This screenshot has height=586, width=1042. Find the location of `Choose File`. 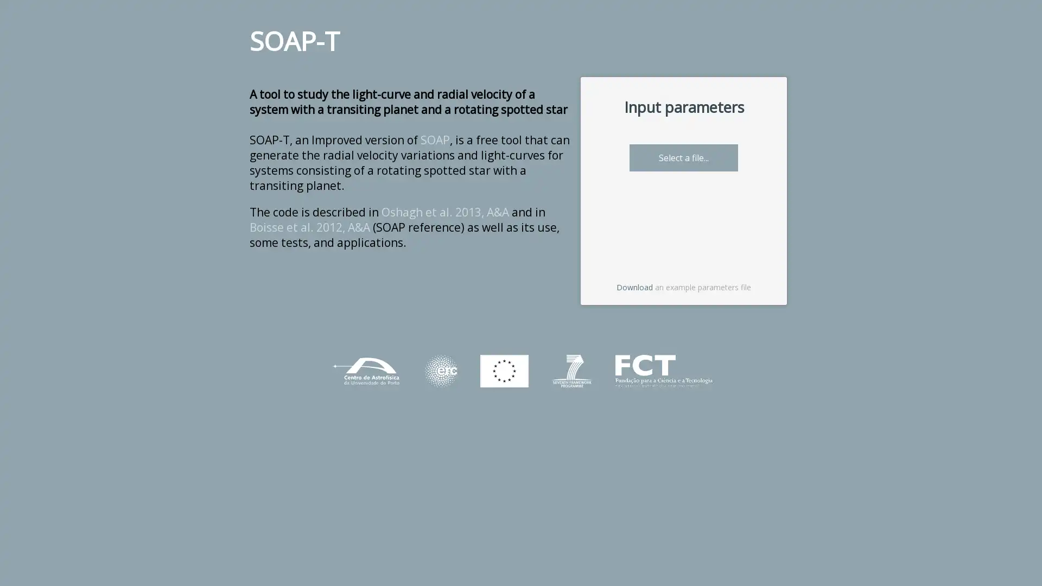

Choose File is located at coordinates (653, 157).